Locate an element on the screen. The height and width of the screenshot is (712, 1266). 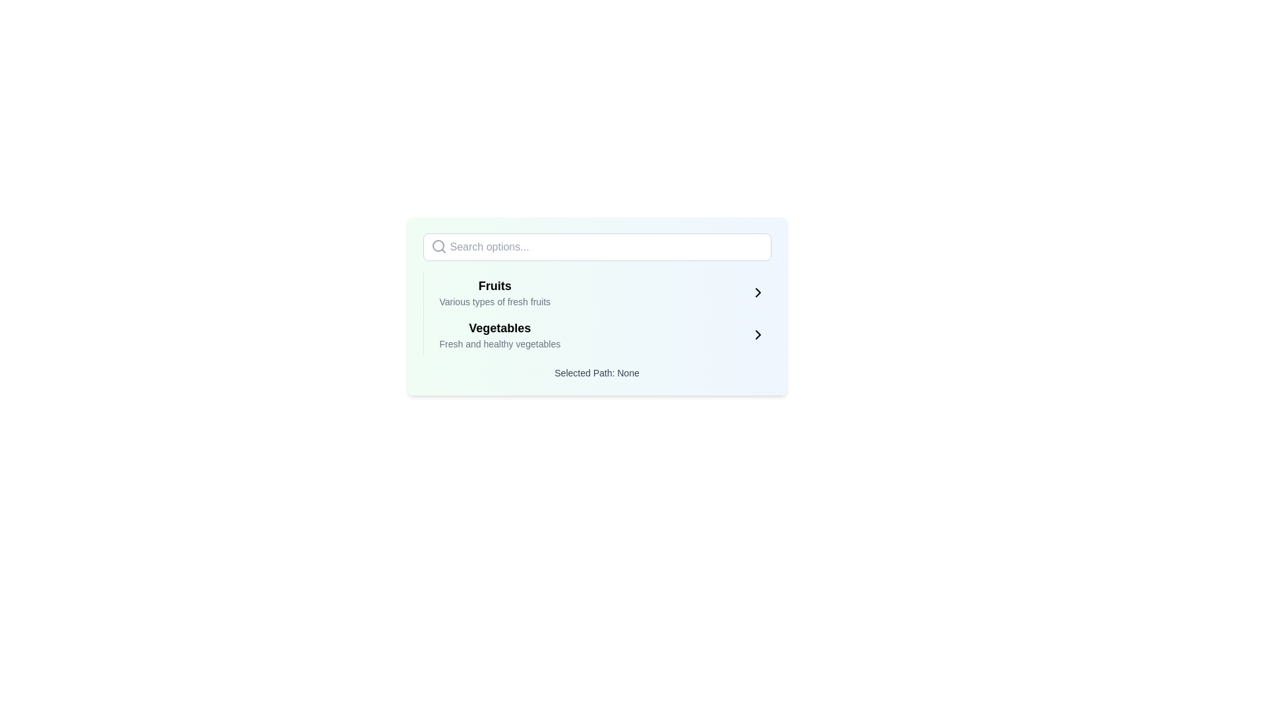
text content of the first item in the vertical list, which displays 'Fruits' in bold and 'Various types of fresh fruits' in a smaller font is located at coordinates (494, 291).